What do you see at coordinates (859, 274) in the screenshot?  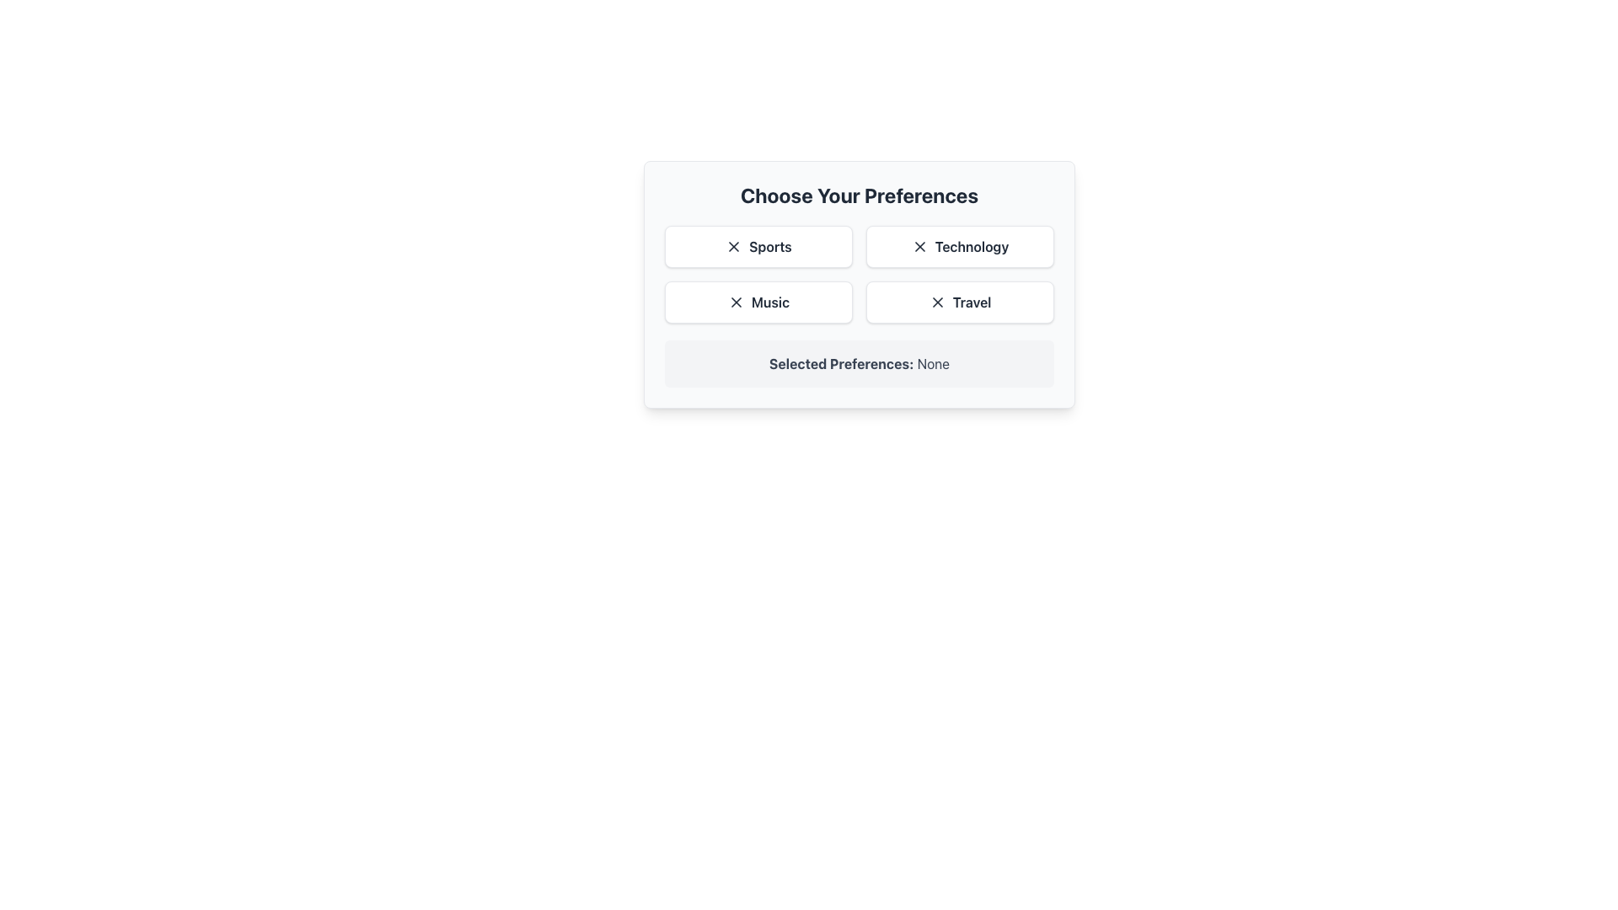 I see `the 'Technology' button` at bounding box center [859, 274].